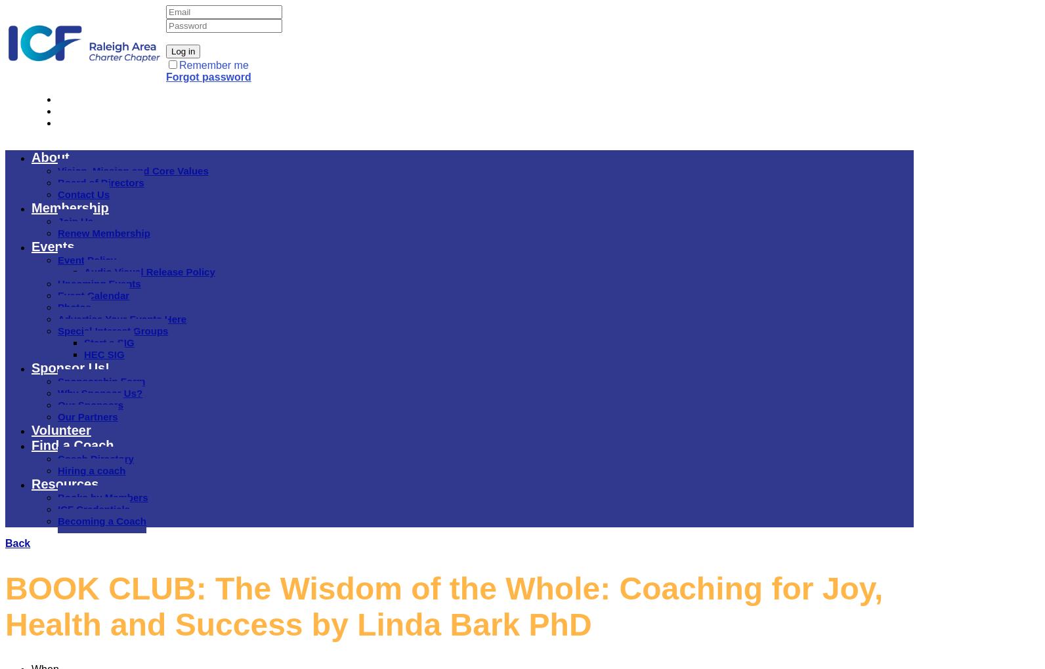 This screenshot has width=1045, height=669. I want to click on 'HEC SIG', so click(104, 354).